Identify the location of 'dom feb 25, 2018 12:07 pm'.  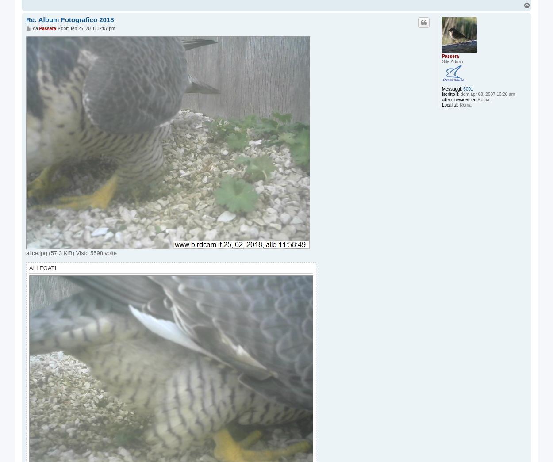
(88, 28).